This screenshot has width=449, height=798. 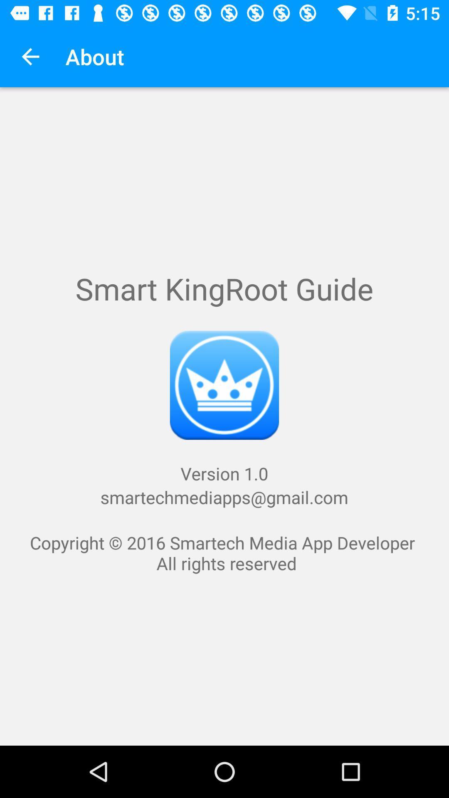 What do you see at coordinates (30, 56) in the screenshot?
I see `icon next to the about item` at bounding box center [30, 56].